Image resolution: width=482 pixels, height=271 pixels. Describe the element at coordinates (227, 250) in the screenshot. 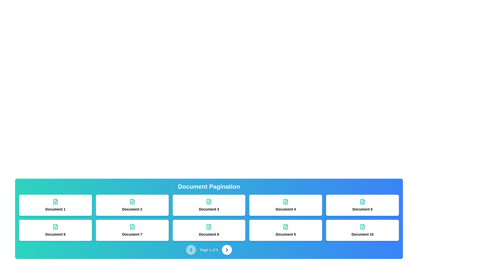

I see `the pagination button that navigates to the next page, located near the bottom center of the interface, immediately to the right of the 'Page 1 of 5' text` at that location.